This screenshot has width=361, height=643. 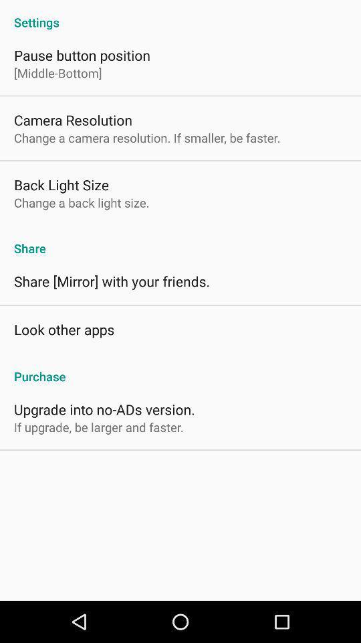 What do you see at coordinates (111, 281) in the screenshot?
I see `the item above look other apps app` at bounding box center [111, 281].